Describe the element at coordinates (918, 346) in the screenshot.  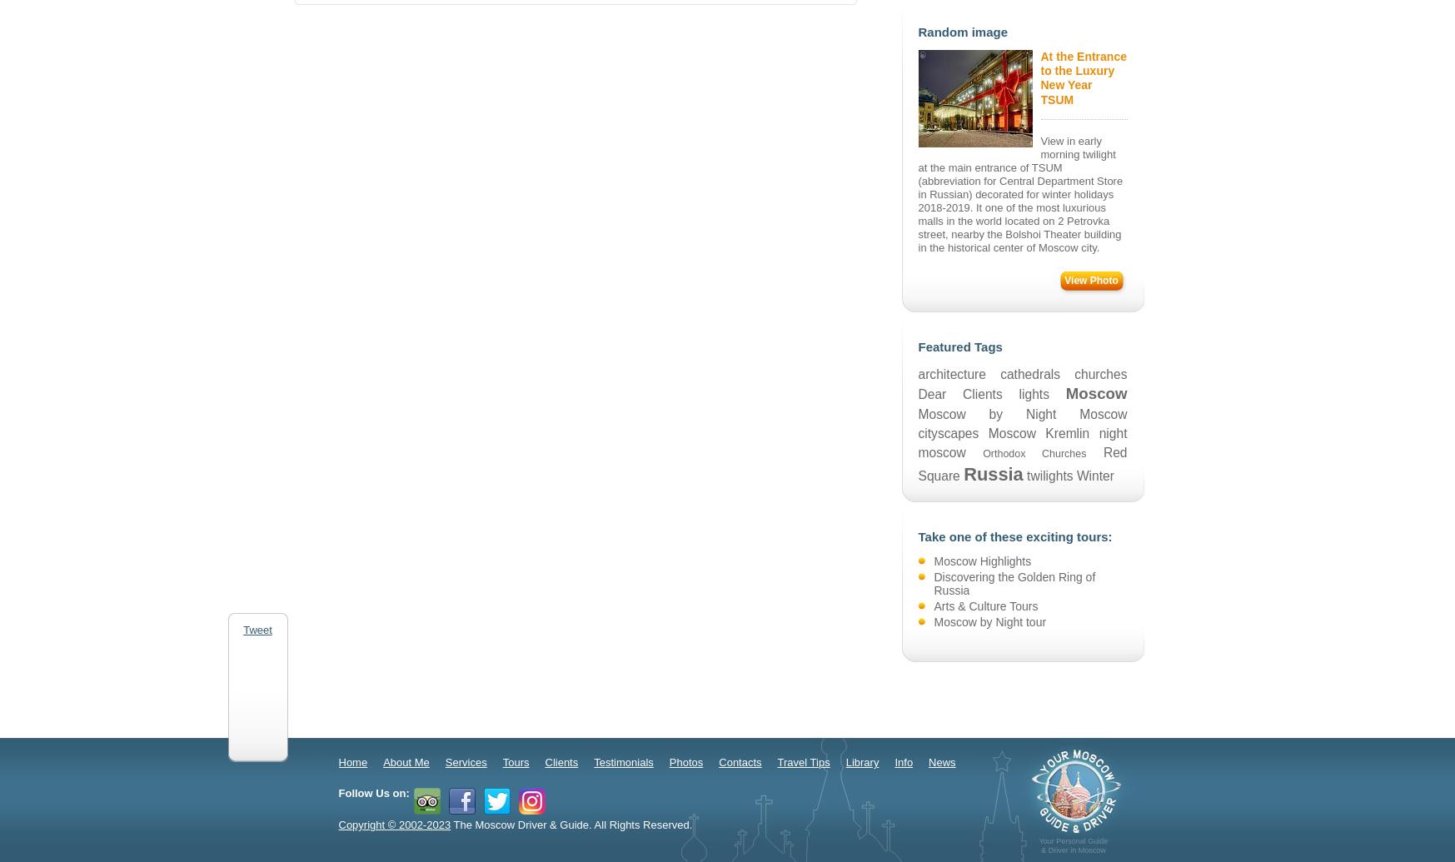
I see `'Featured Tags'` at that location.